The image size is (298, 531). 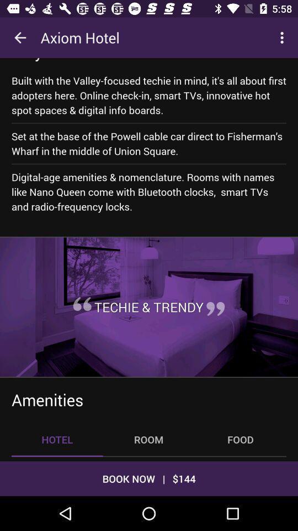 I want to click on the icon next to hotel icon, so click(x=148, y=439).